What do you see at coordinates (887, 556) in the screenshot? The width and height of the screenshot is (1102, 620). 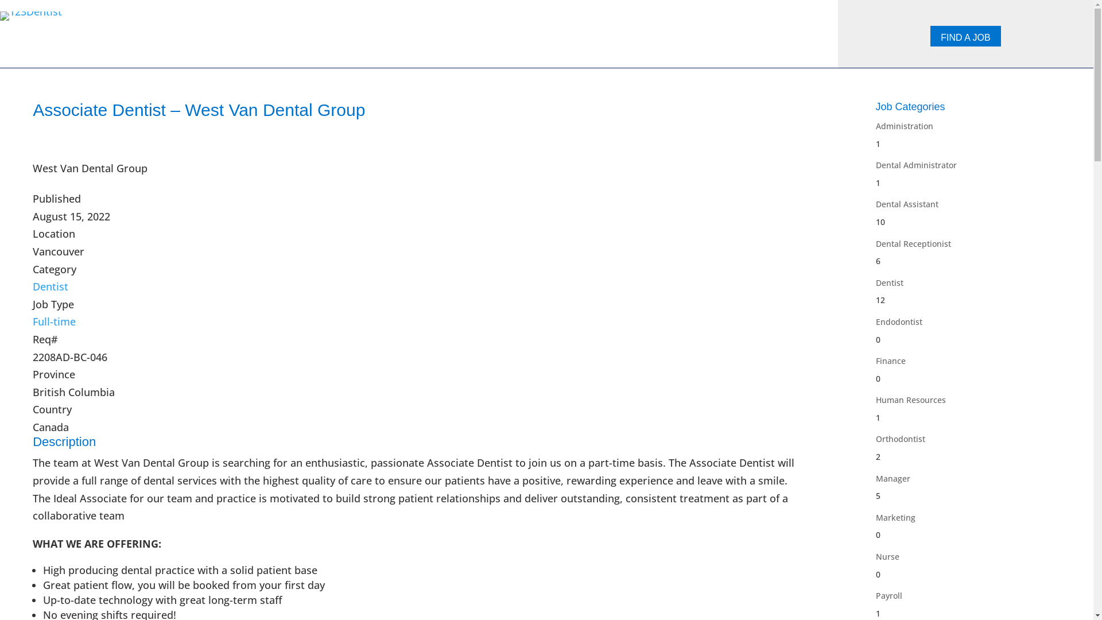 I see `'Nurse'` at bounding box center [887, 556].